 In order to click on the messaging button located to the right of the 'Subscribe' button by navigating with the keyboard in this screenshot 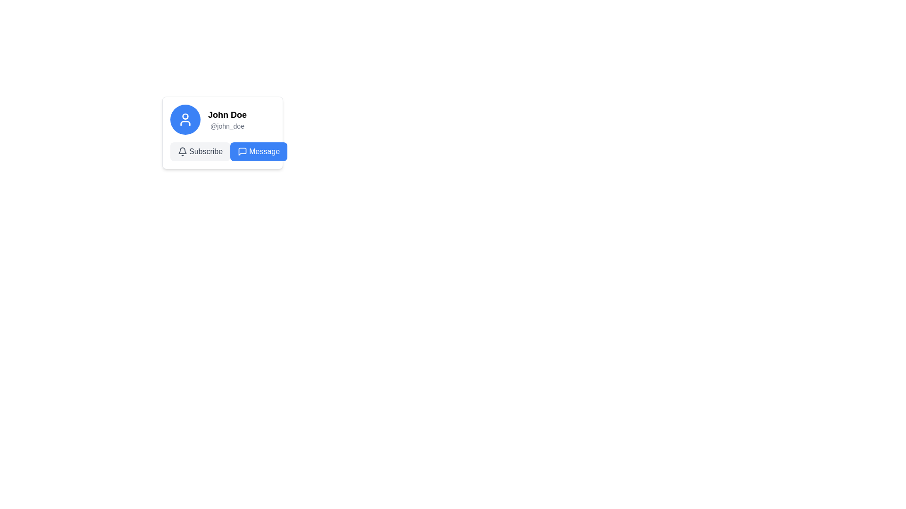, I will do `click(259, 151)`.